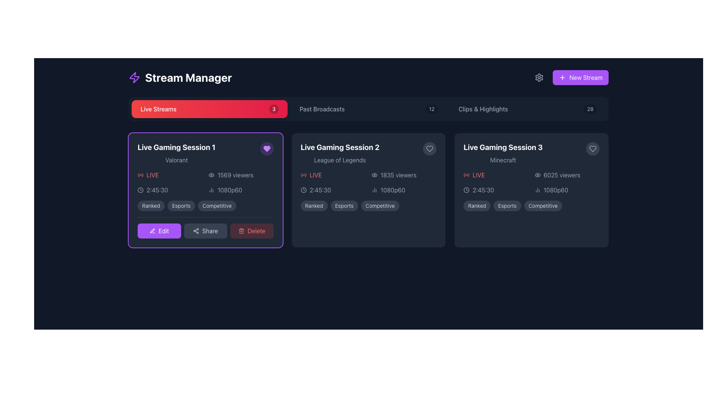  Describe the element at coordinates (314, 205) in the screenshot. I see `the pill-shaped label with the text 'Ranked' in the metadata section of the 'Live Gaming Session 2' card` at that location.